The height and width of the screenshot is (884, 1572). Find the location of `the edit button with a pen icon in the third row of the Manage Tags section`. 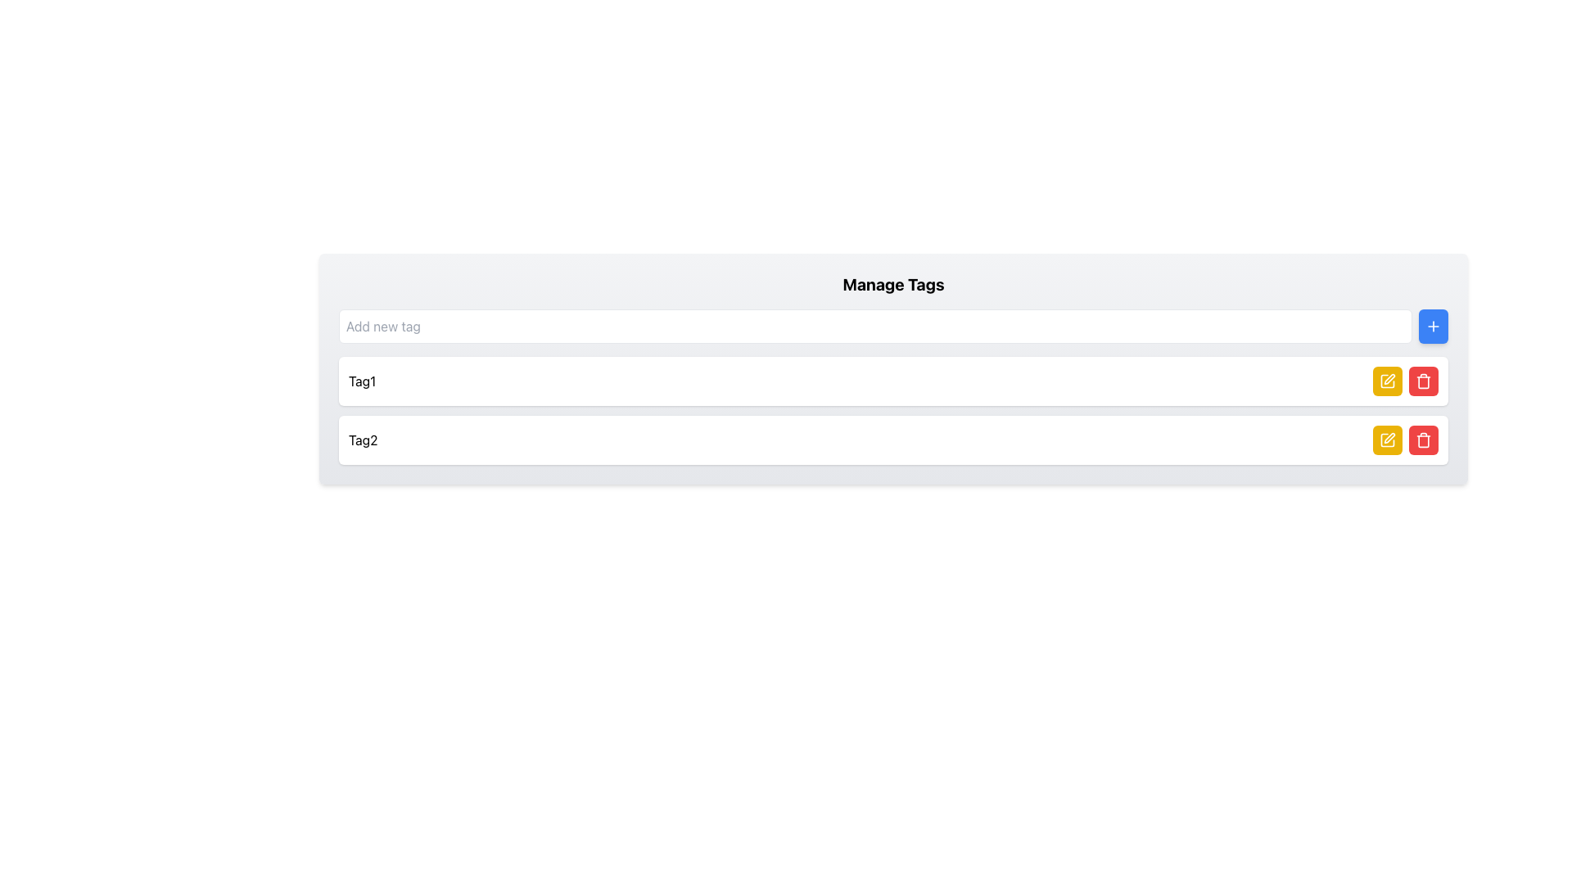

the edit button with a pen icon in the third row of the Manage Tags section is located at coordinates (1389, 379).